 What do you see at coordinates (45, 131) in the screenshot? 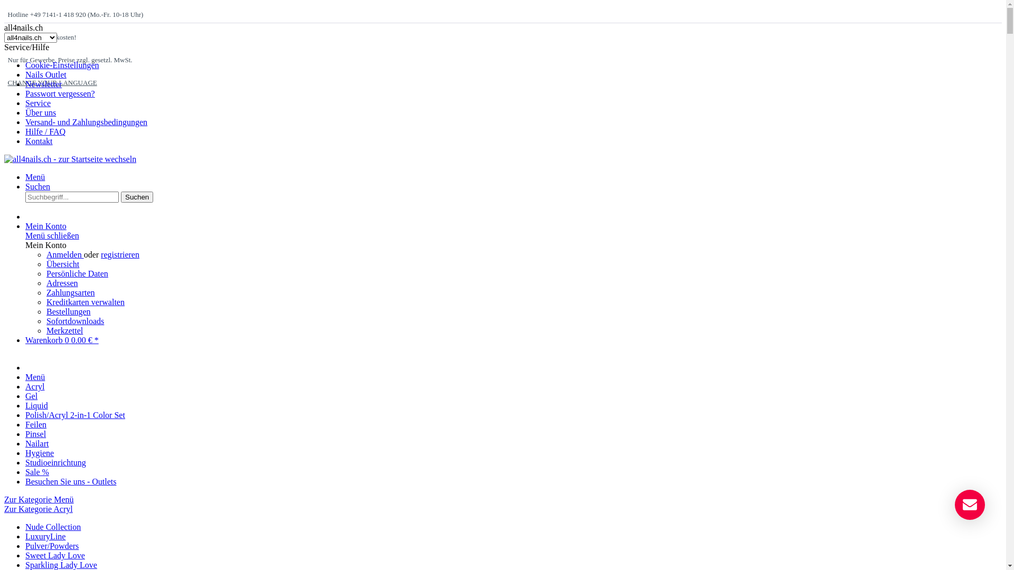
I see `'Hilfe / FAQ'` at bounding box center [45, 131].